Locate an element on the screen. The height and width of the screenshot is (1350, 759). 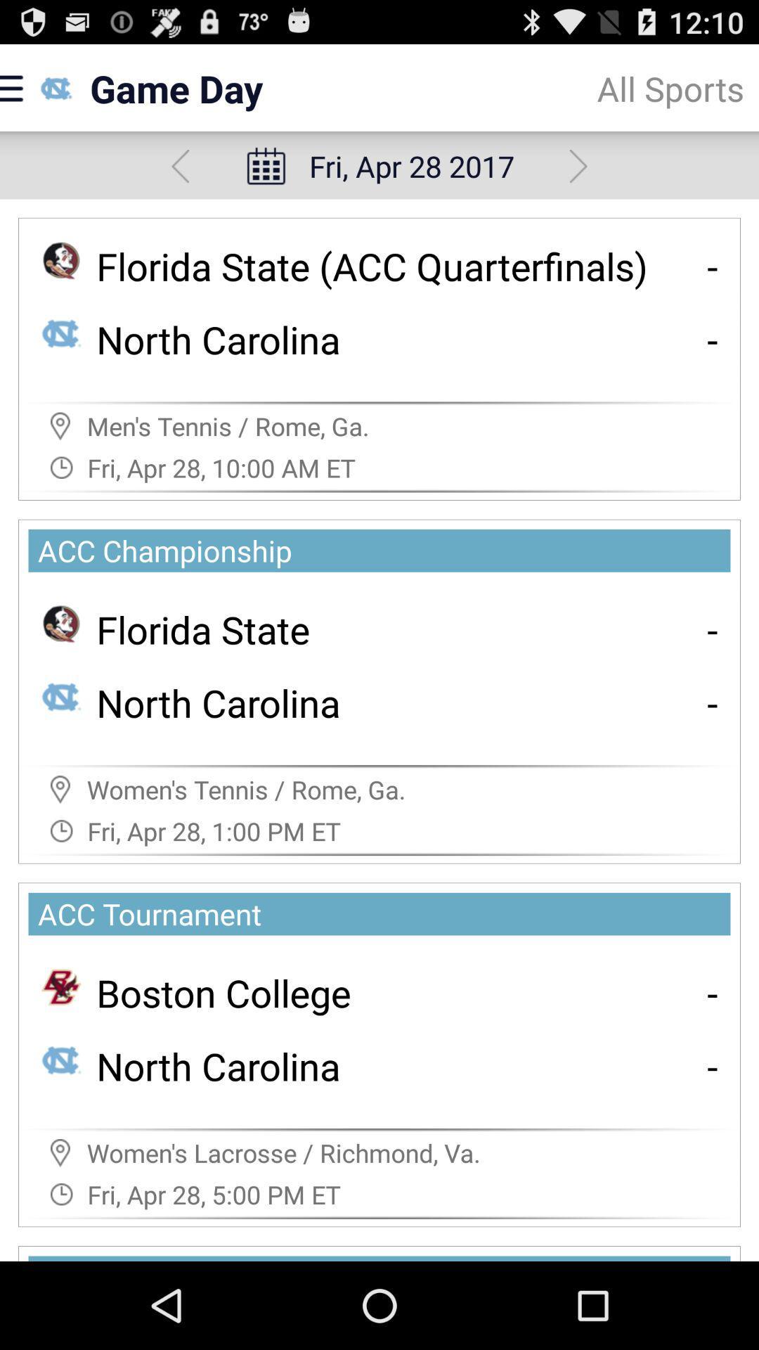
next page is located at coordinates (578, 166).